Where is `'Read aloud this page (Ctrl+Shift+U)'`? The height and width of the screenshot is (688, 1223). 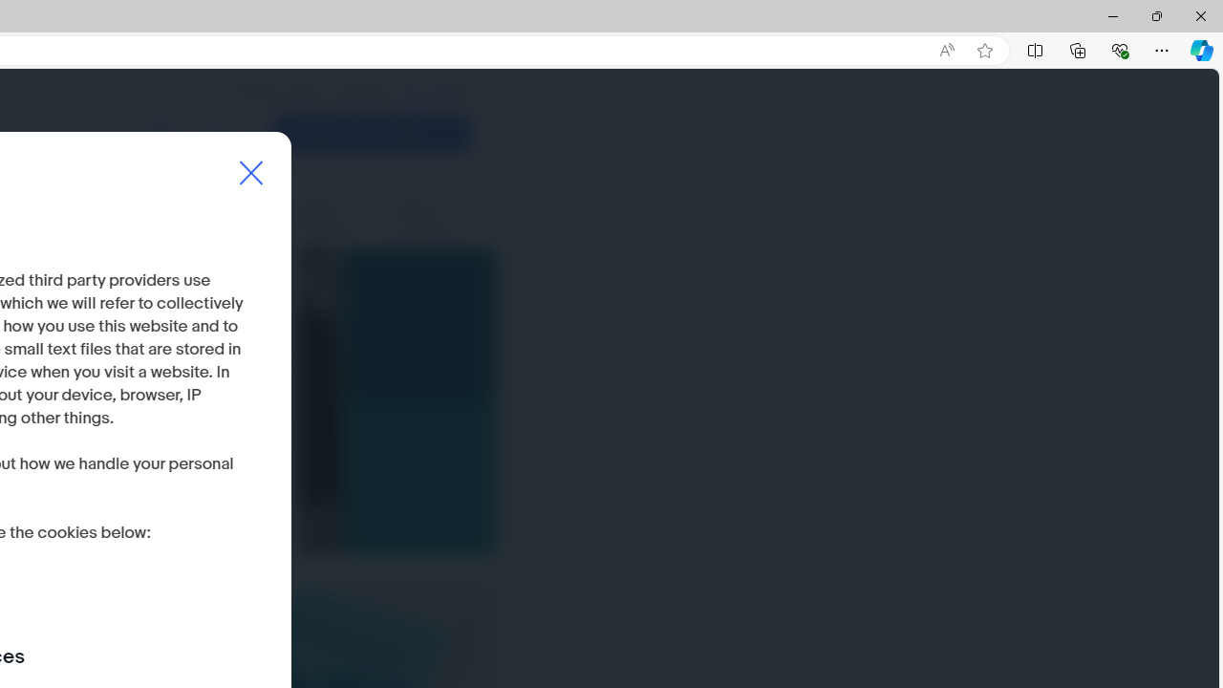 'Read aloud this page (Ctrl+Shift+U)' is located at coordinates (947, 50).